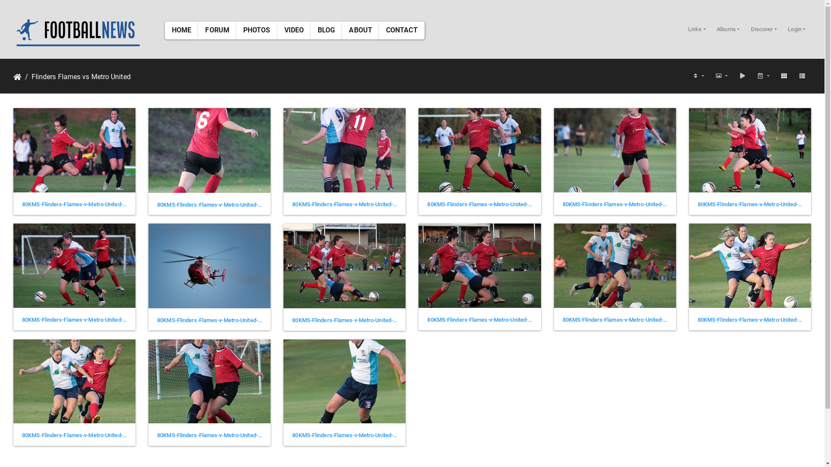 The image size is (831, 467). Describe the element at coordinates (325, 29) in the screenshot. I see `'BLOG'` at that location.